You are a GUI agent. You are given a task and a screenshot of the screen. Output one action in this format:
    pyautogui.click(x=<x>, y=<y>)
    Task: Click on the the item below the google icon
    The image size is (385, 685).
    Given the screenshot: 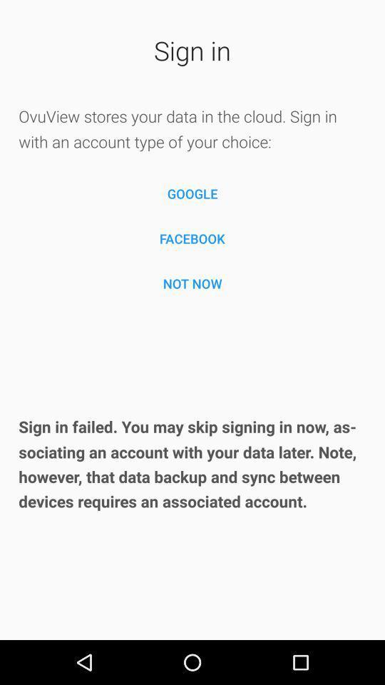 What is the action you would take?
    pyautogui.click(x=192, y=238)
    